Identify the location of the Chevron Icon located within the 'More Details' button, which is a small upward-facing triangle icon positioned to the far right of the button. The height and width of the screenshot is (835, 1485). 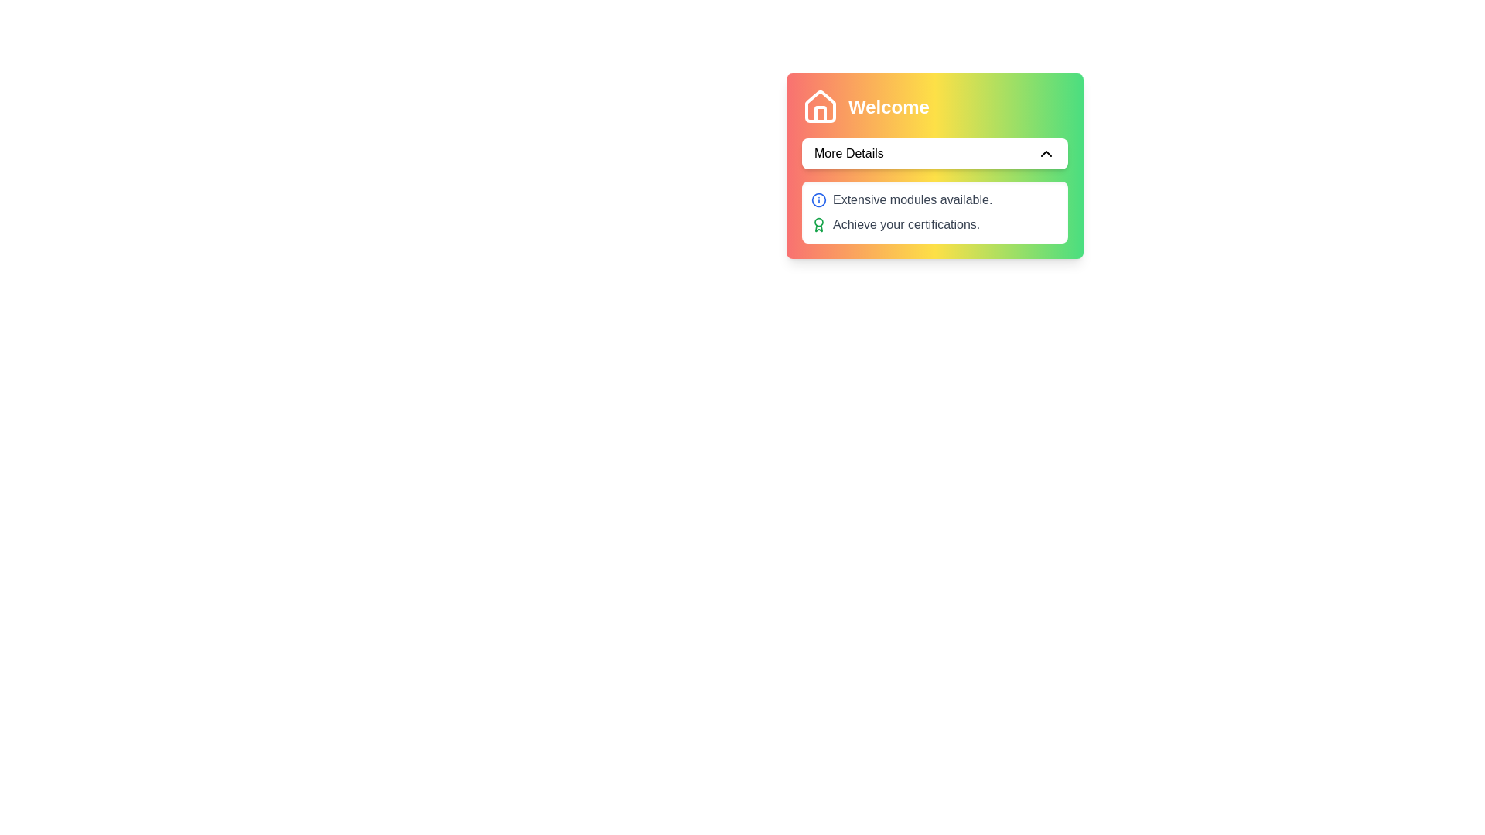
(1046, 154).